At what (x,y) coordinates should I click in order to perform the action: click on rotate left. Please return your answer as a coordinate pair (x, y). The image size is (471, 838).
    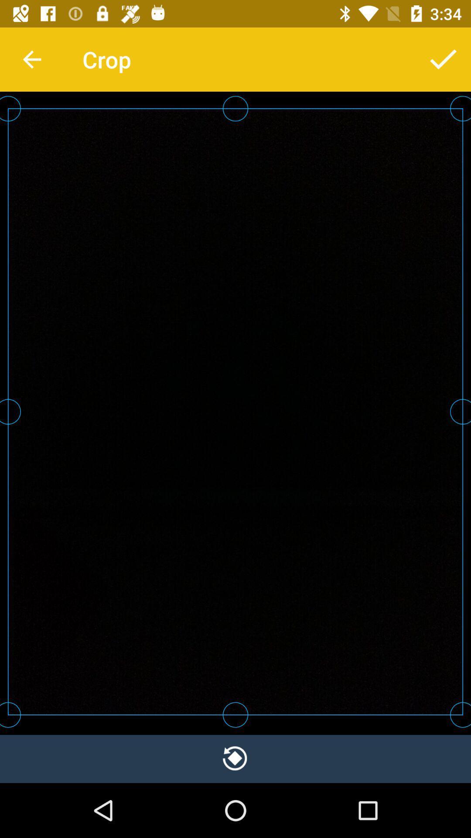
    Looking at the image, I should click on (235, 758).